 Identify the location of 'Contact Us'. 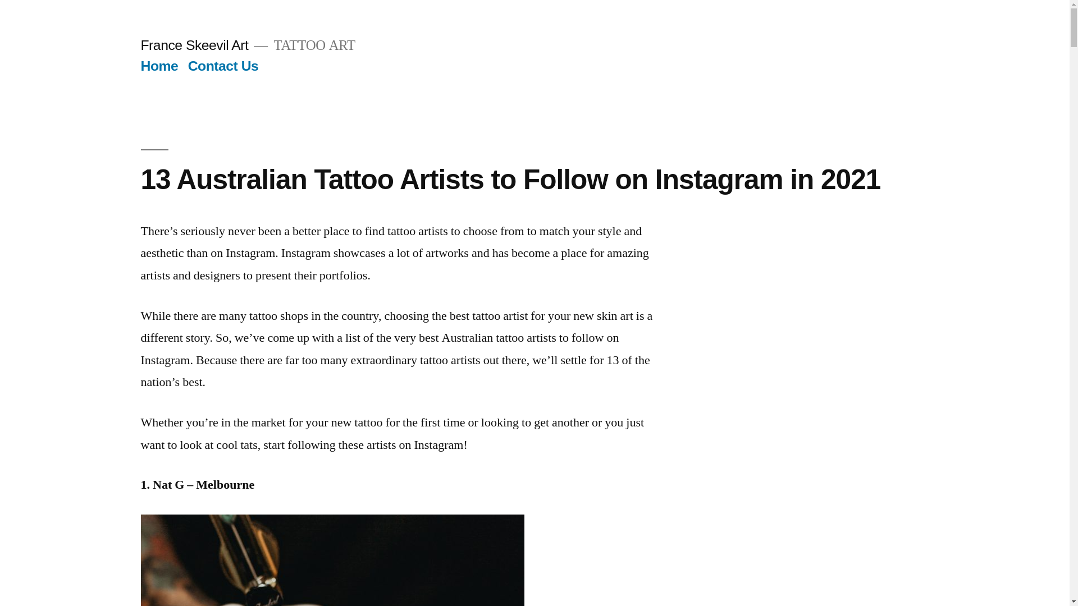
(223, 66).